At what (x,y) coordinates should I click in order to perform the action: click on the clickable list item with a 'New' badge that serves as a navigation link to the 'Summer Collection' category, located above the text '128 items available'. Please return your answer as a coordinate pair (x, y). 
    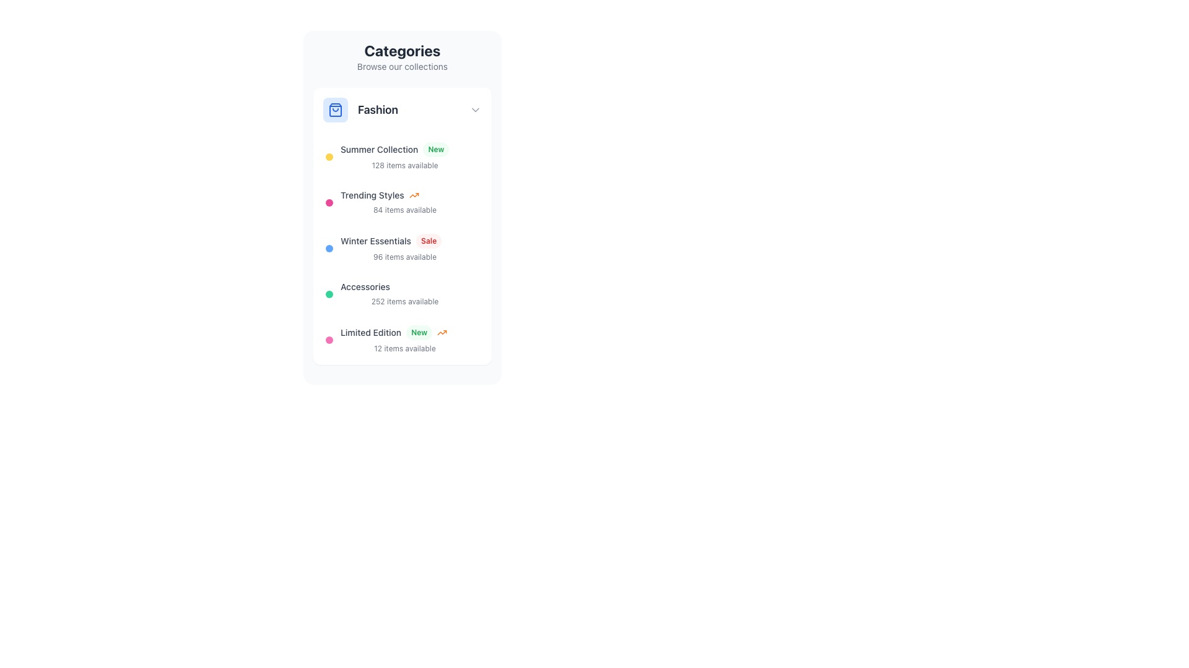
    Looking at the image, I should click on (404, 149).